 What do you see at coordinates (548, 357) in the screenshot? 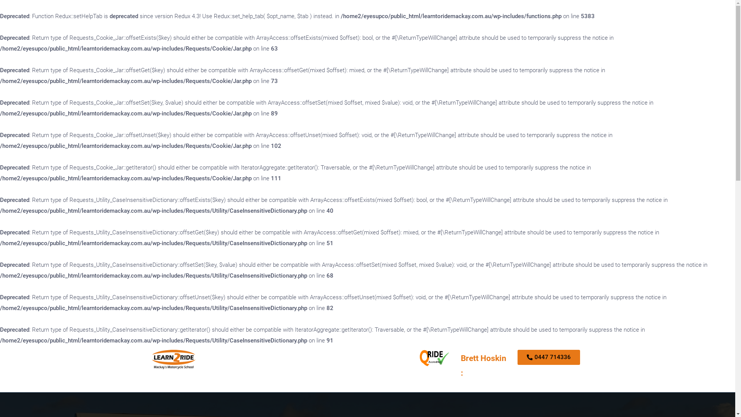
I see `'0447 714336'` at bounding box center [548, 357].